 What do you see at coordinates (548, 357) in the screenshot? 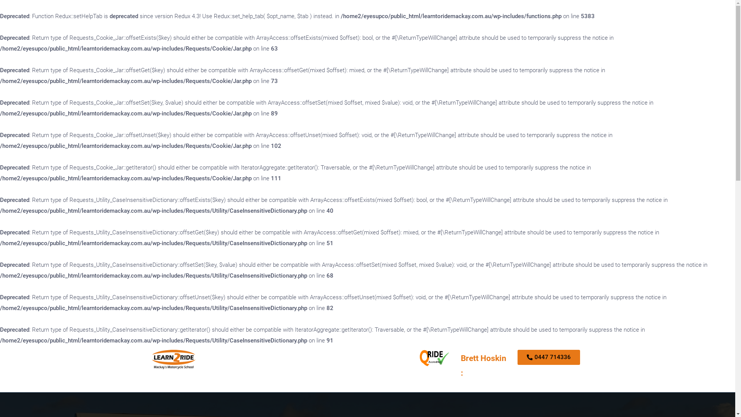
I see `'0447 714336'` at bounding box center [548, 357].